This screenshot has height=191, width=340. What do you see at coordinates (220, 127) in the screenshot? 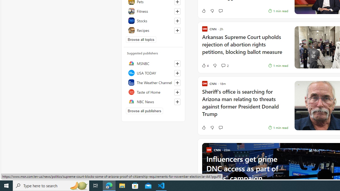
I see `'Start the conversation'` at bounding box center [220, 127].